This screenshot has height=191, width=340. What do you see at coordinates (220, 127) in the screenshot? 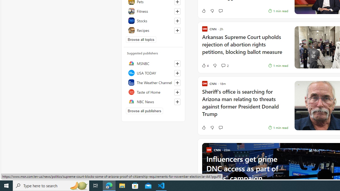
I see `'Start the conversation'` at bounding box center [220, 127].